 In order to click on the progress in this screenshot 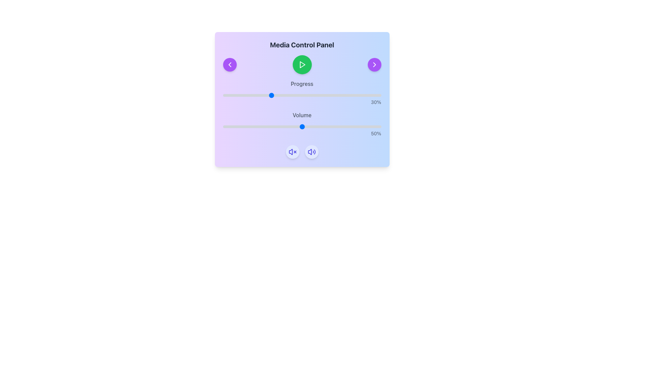, I will do `click(273, 95)`.